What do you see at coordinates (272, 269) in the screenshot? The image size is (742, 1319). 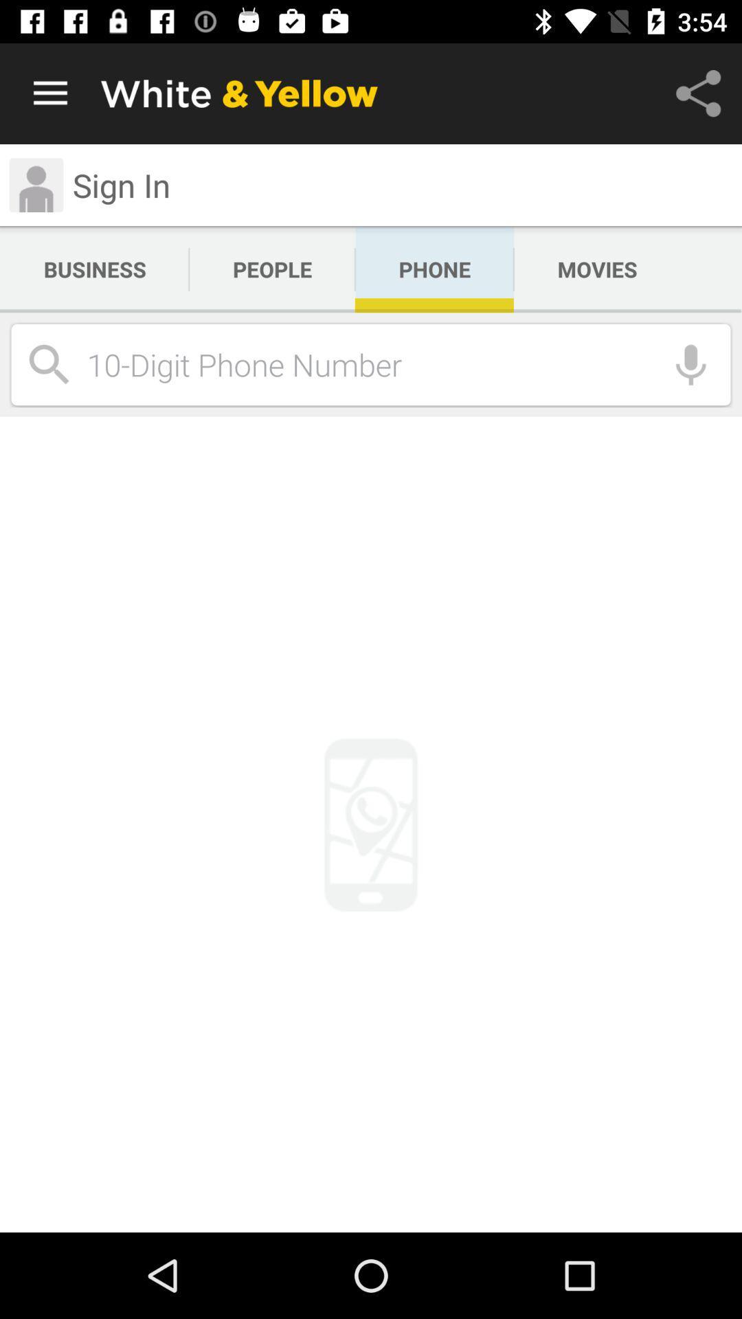 I see `the people app` at bounding box center [272, 269].